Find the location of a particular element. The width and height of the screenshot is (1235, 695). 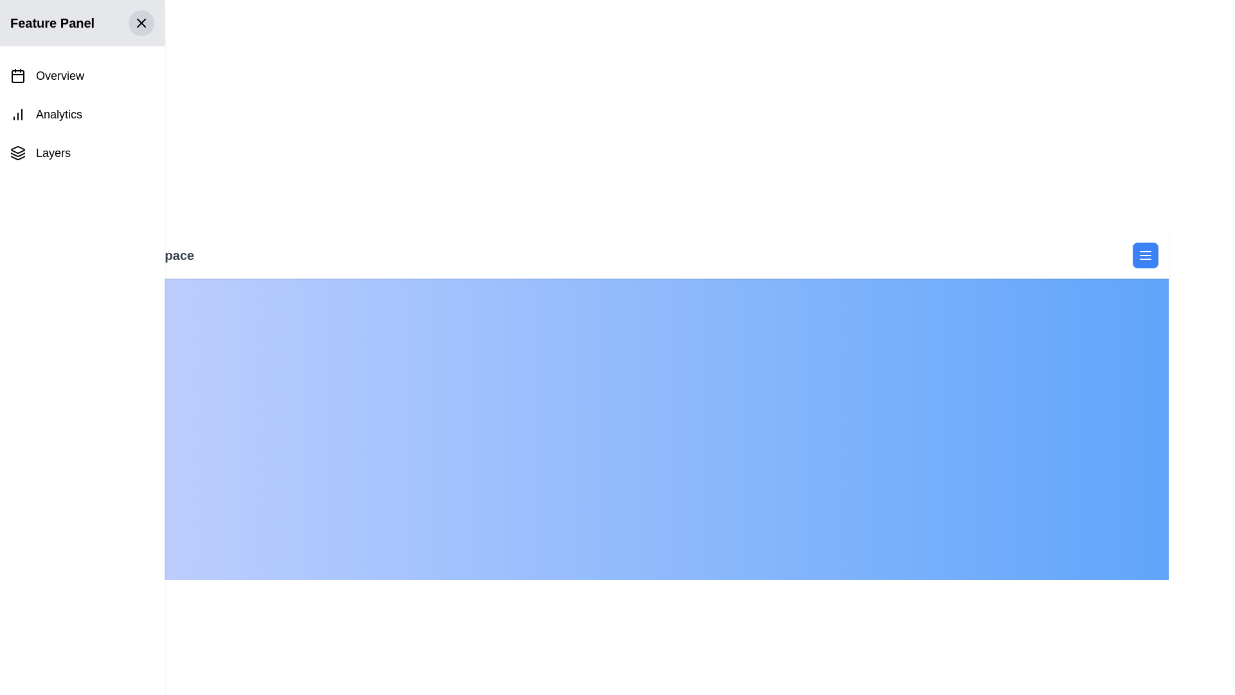

text content of the 'Analytics' menu item label located in the vertical sidebar menu, positioned below 'Overview' and above 'Layers' is located at coordinates (58, 113).